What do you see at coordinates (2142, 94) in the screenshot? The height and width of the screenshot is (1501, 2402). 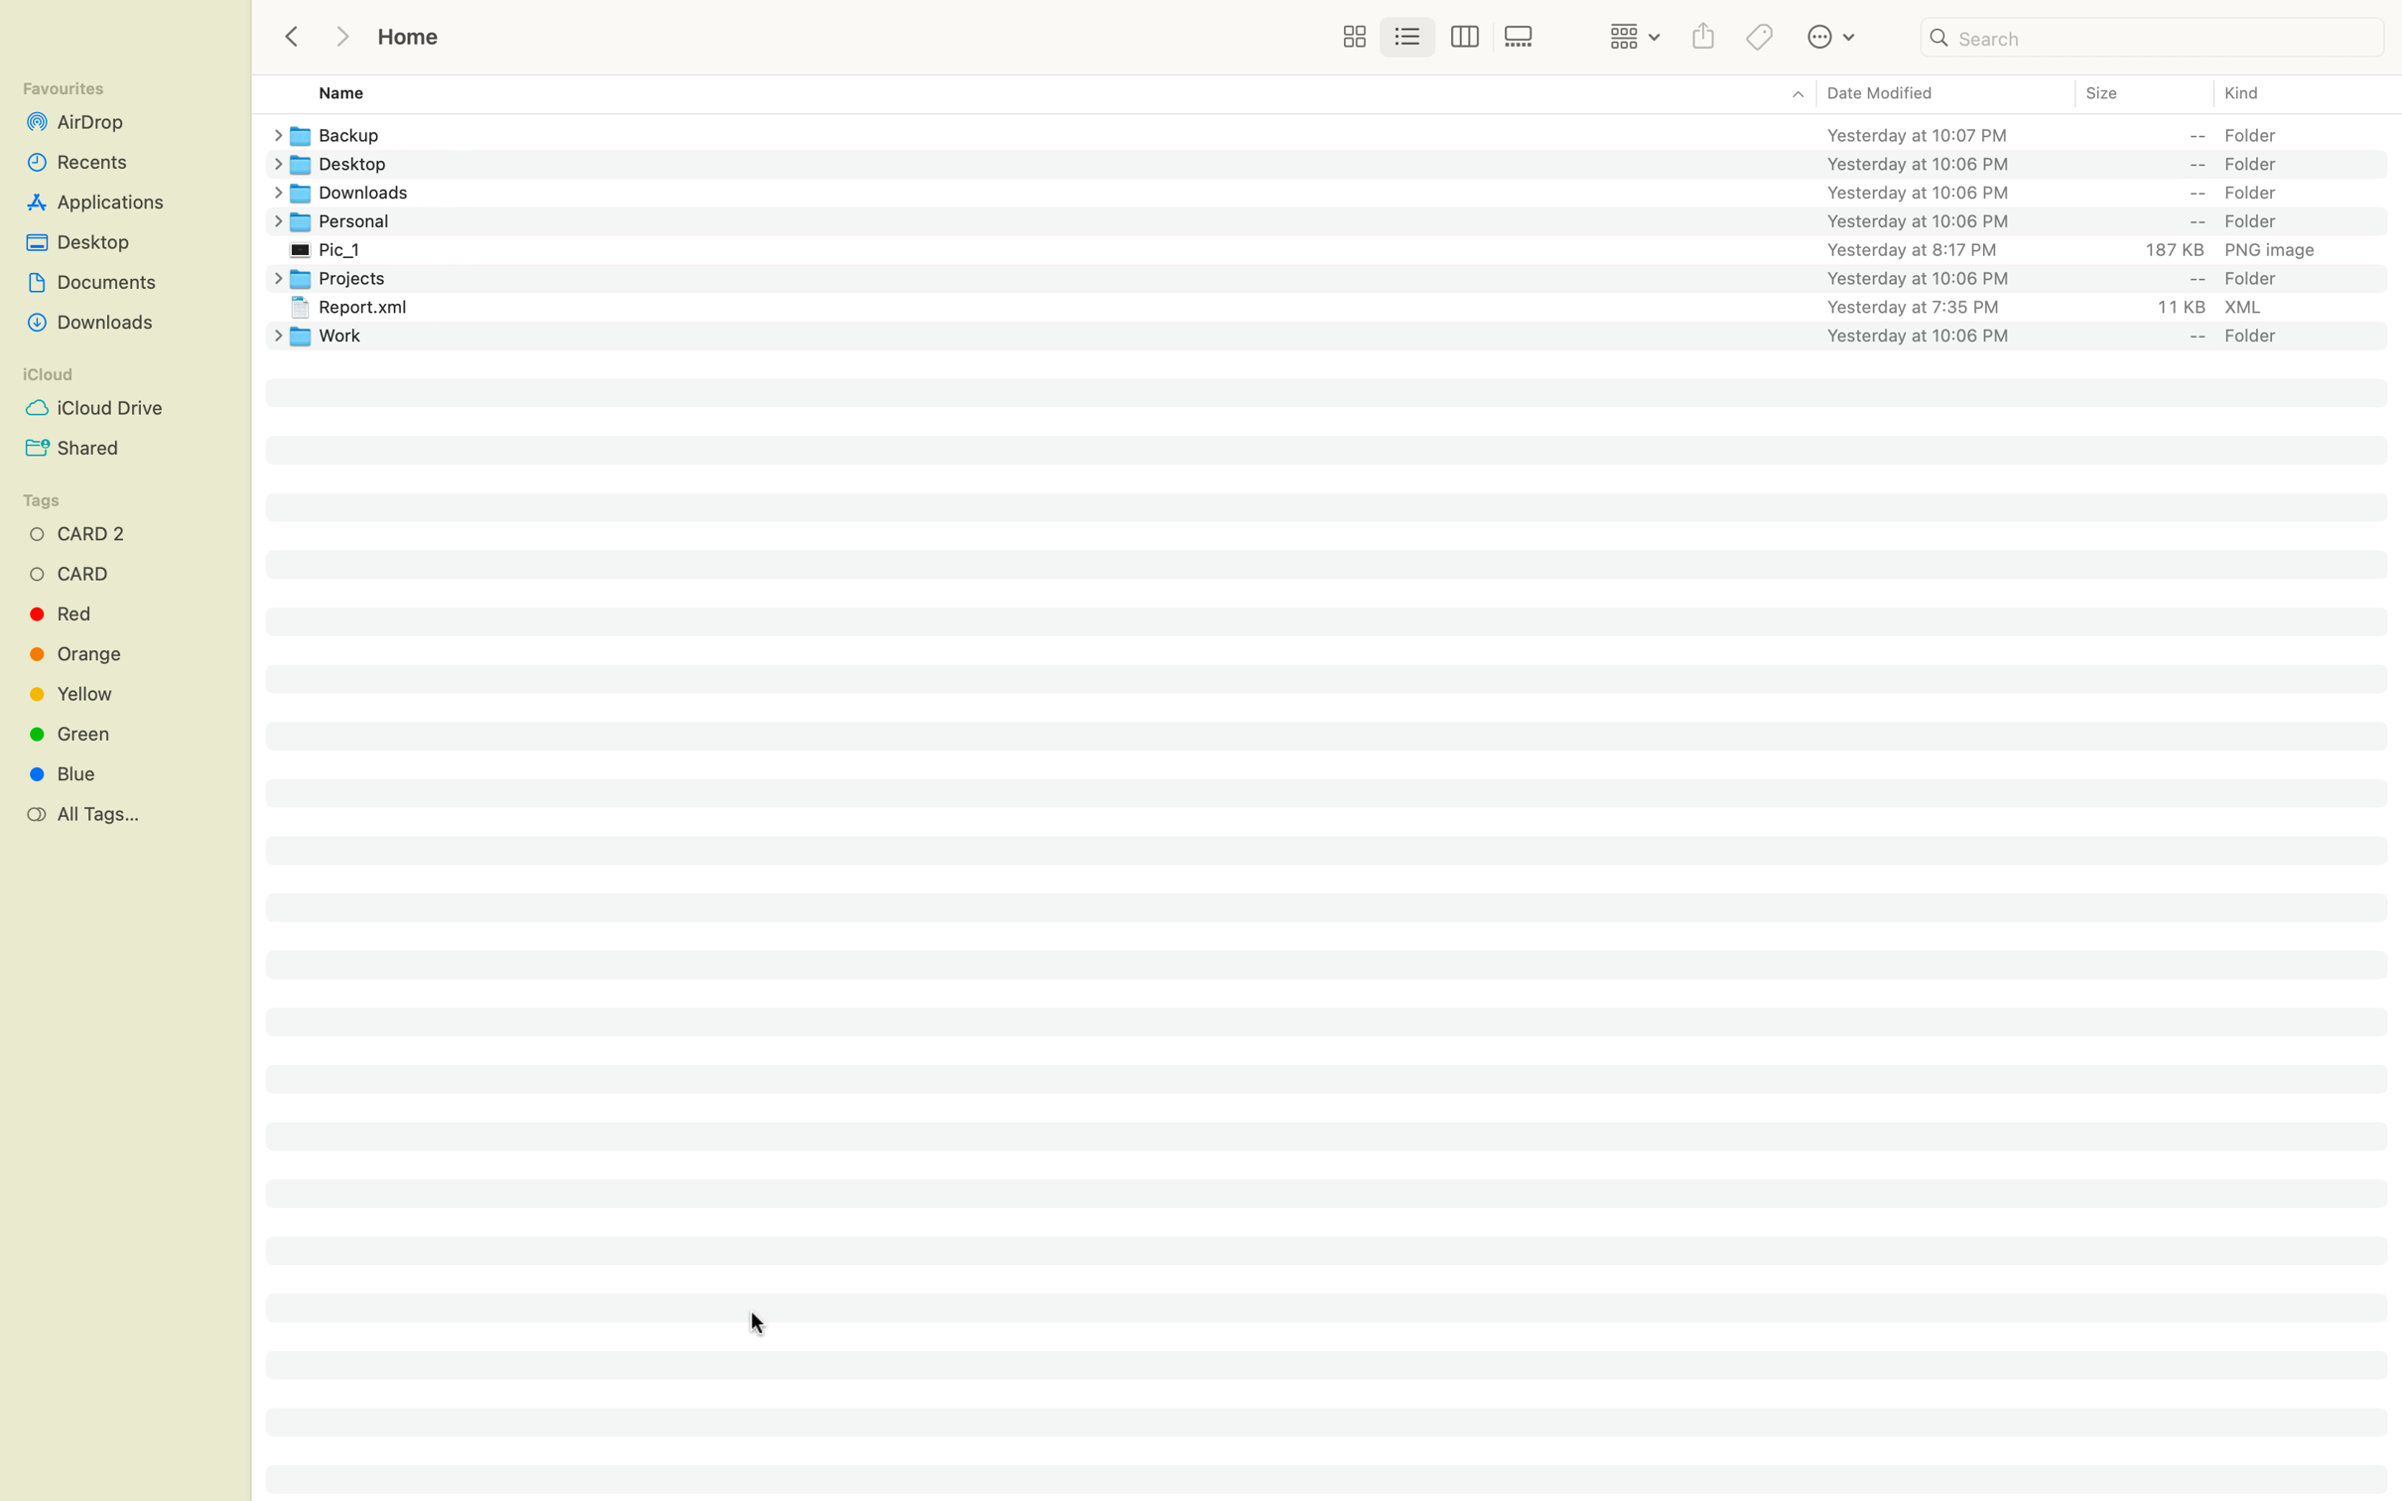 I see `Sort the files by size in ascending order` at bounding box center [2142, 94].